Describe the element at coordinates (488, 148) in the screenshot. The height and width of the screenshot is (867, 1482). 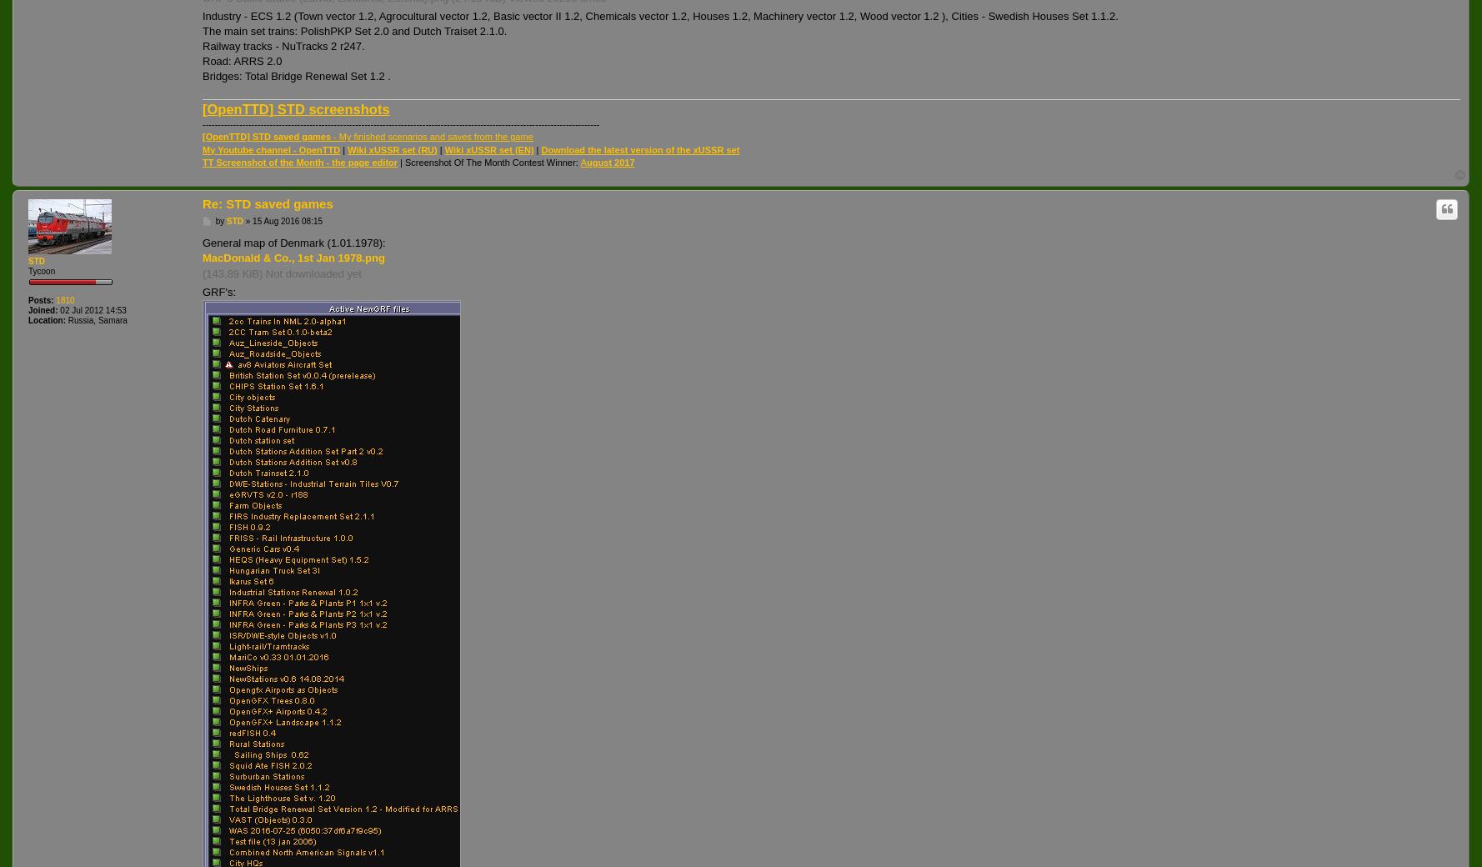
I see `'Wiki xUSSR set (EN)'` at that location.